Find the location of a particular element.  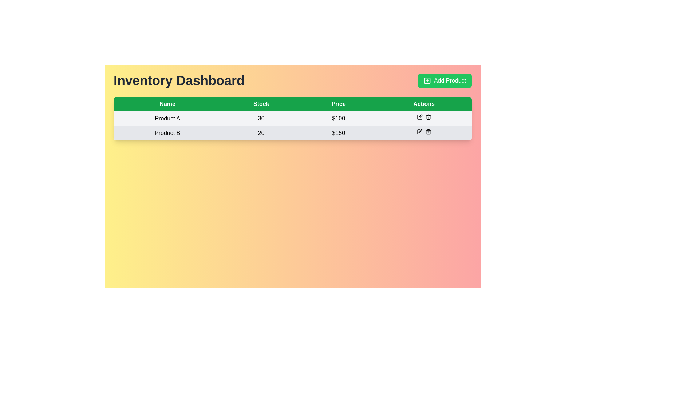

the text label that is the third column header in the table, positioned between 'Stock' and 'Actions' is located at coordinates (338, 104).